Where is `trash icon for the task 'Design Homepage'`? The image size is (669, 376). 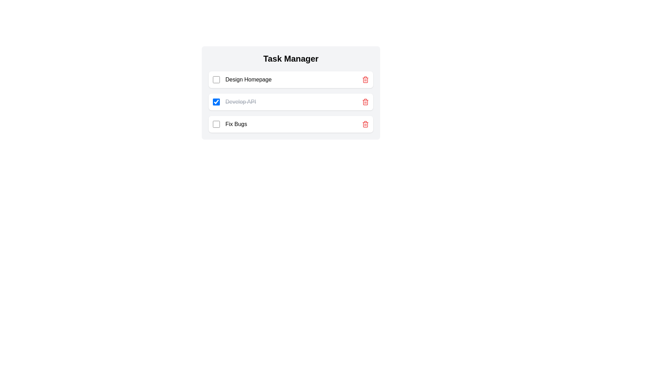
trash icon for the task 'Design Homepage' is located at coordinates (365, 79).